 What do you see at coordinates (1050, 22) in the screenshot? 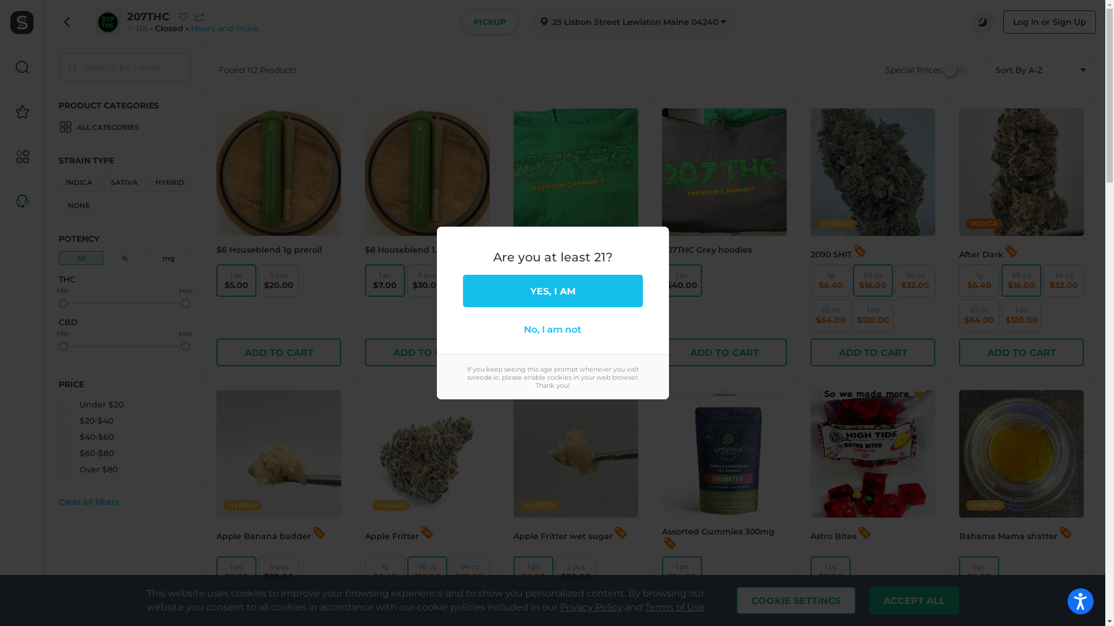
I see `'Log In or Sign Up'` at bounding box center [1050, 22].